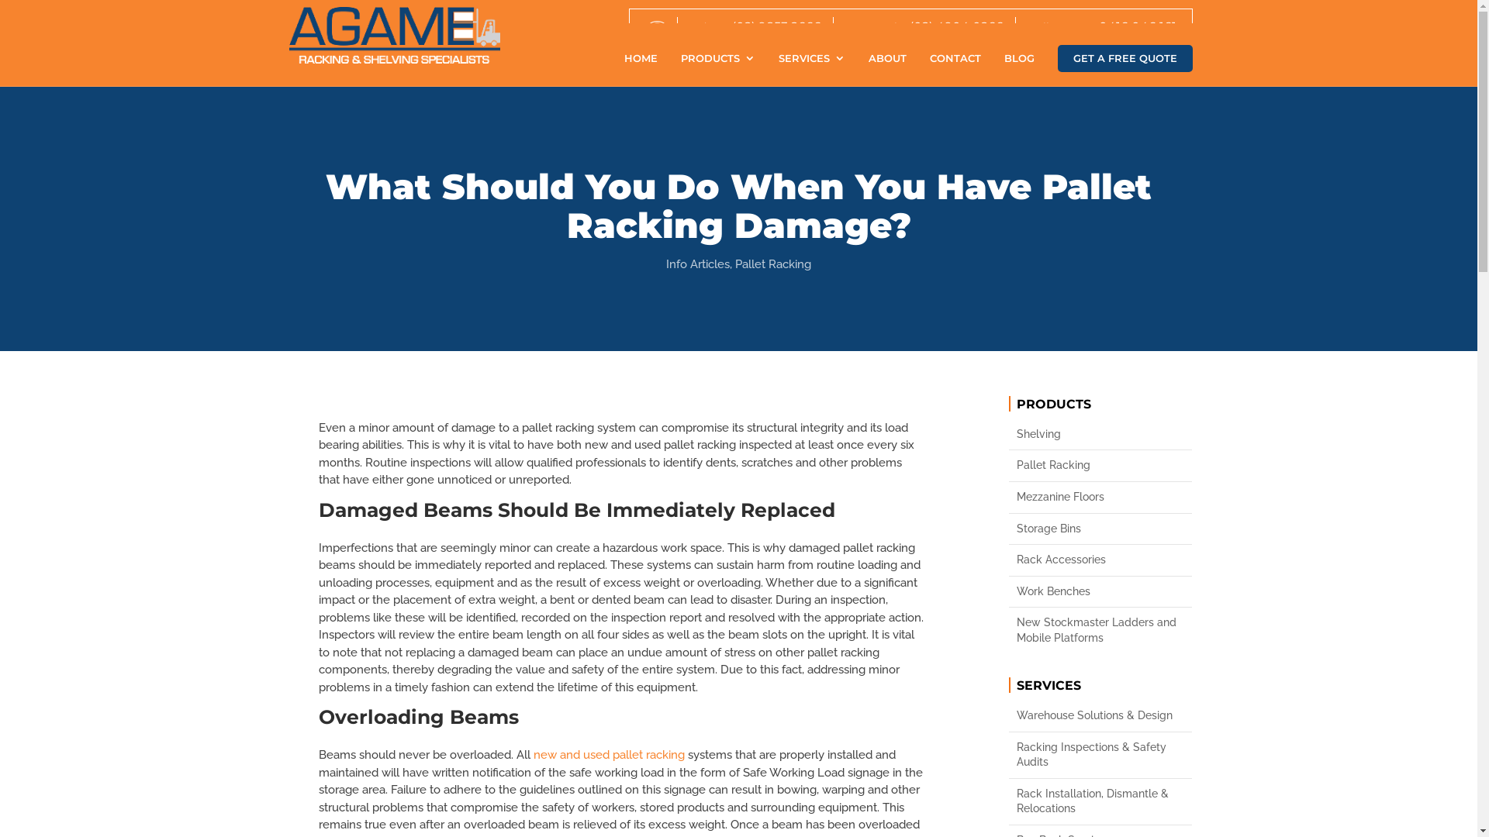  I want to click on 'Info Articles', so click(697, 263).